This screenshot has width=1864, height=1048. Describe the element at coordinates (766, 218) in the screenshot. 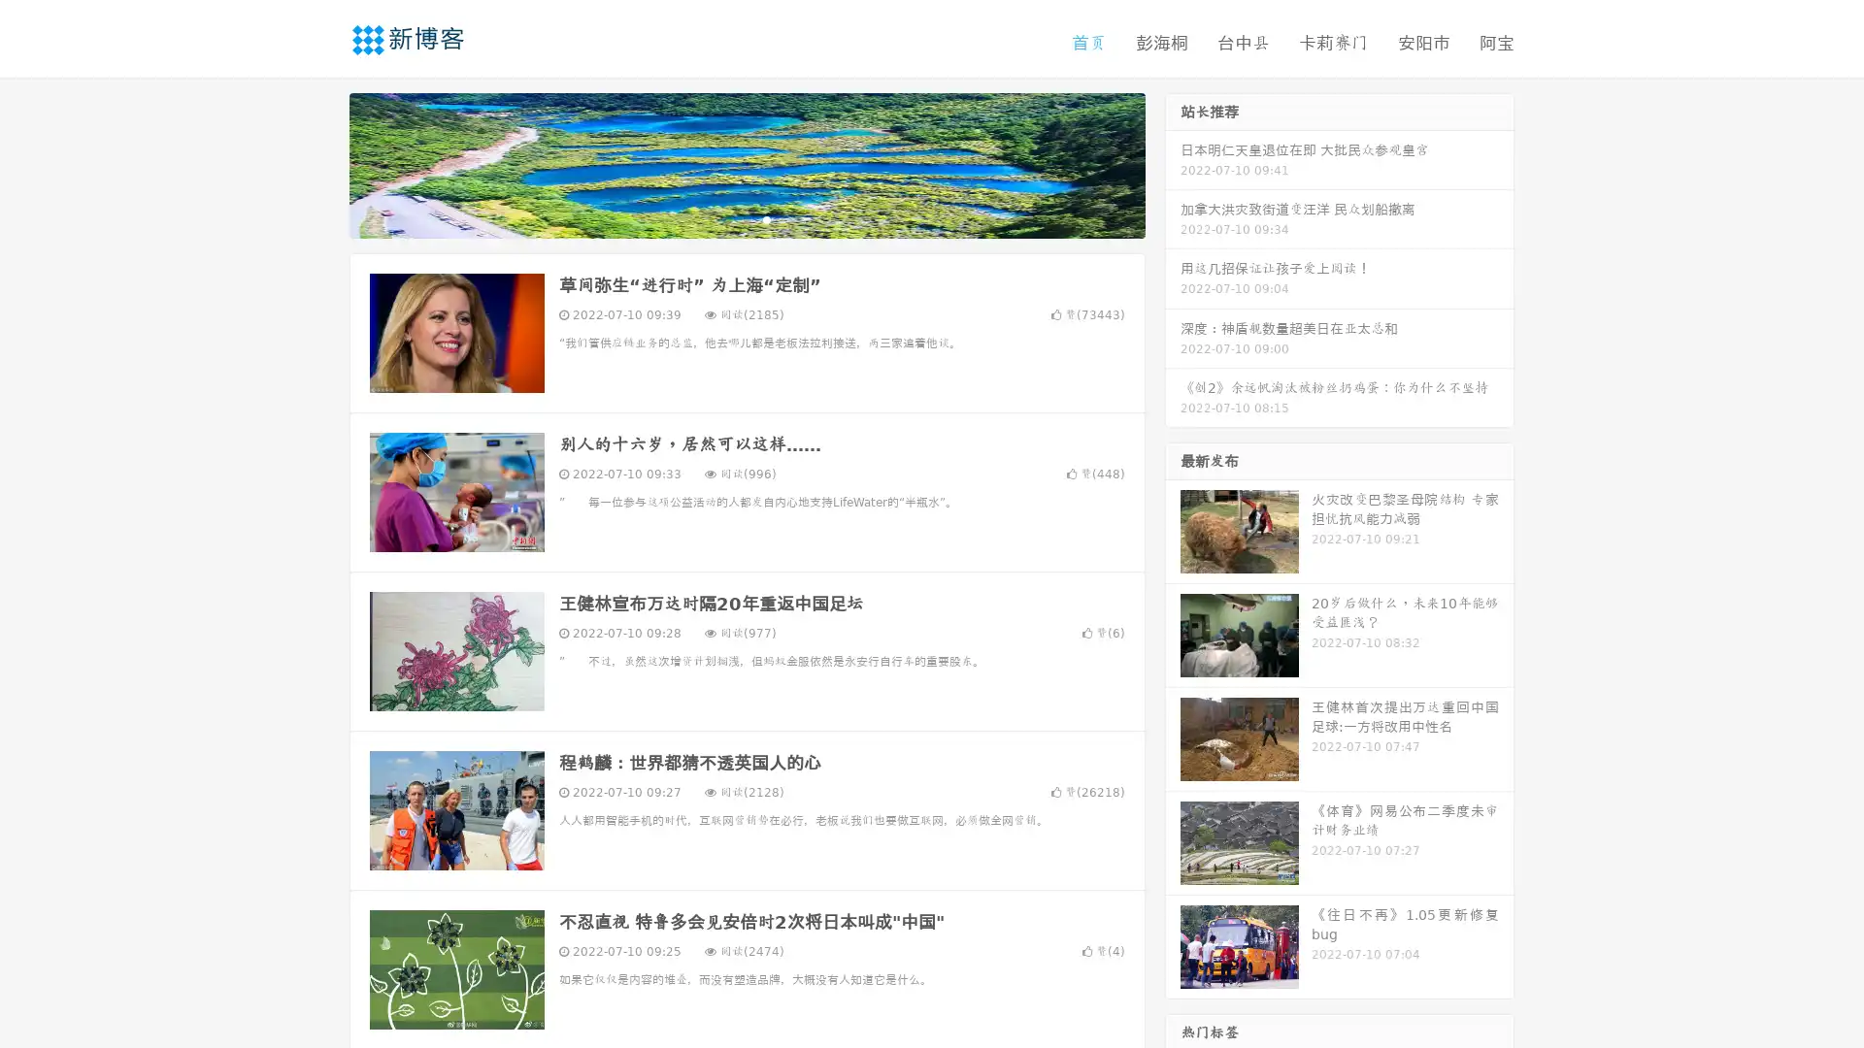

I see `Go to slide 3` at that location.